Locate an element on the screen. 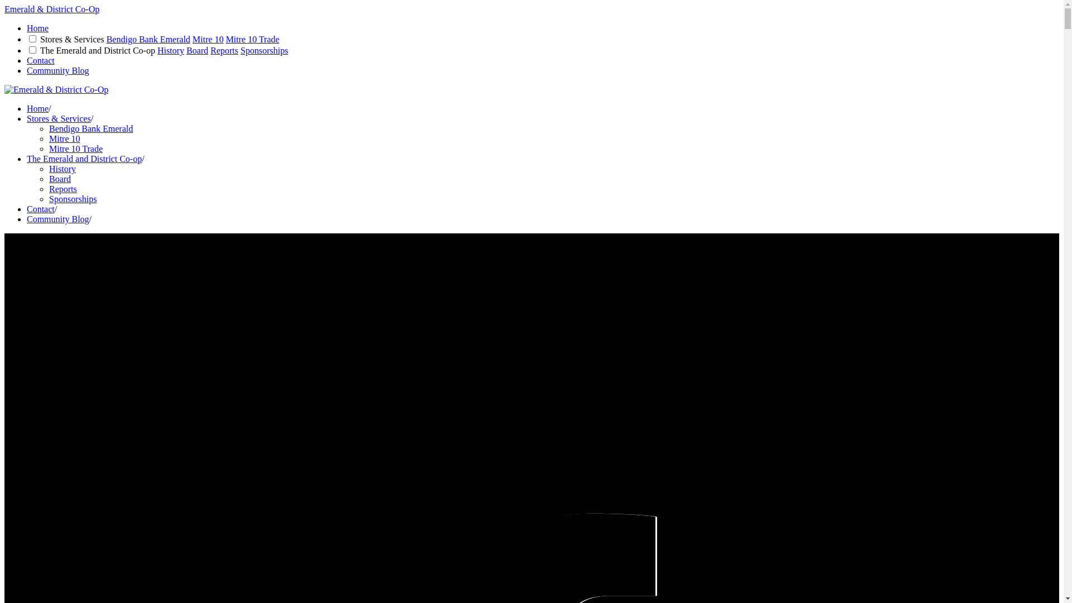 The image size is (1072, 603). 'Contact' is located at coordinates (40, 209).